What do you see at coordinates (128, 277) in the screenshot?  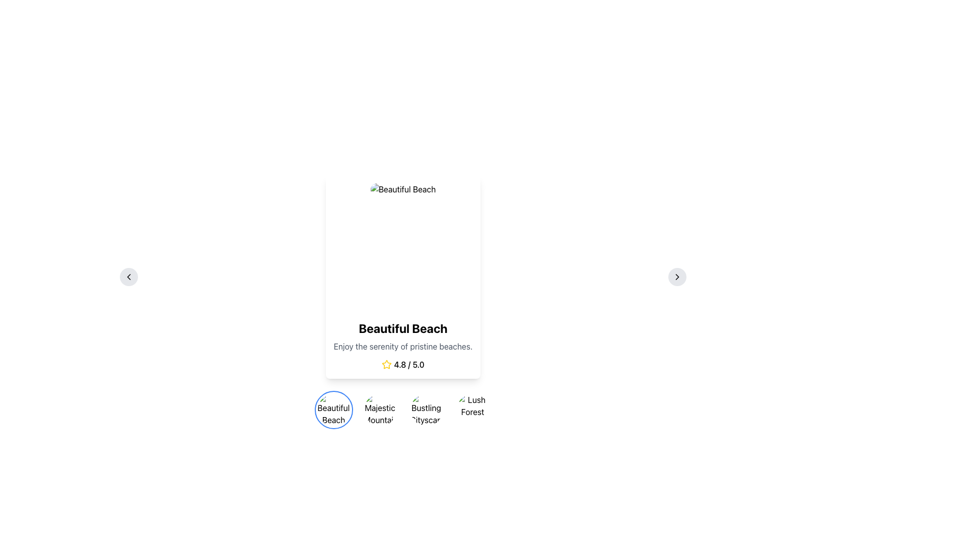 I see `the 'previous' SVG icon located in the top-left corner of the layout, which serves as a navigational element for stepping backward in the content` at bounding box center [128, 277].